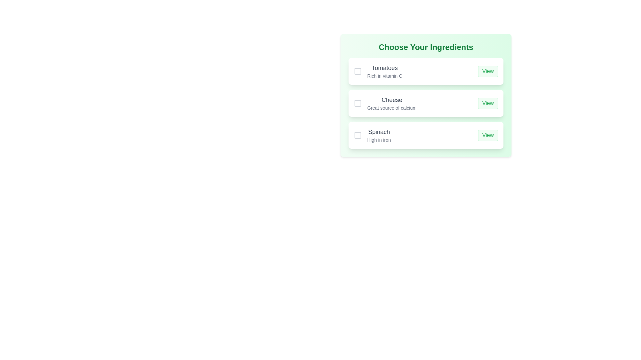 The height and width of the screenshot is (360, 641). I want to click on the 'Spinach' checkbox located in the list of selectable items, so click(357, 135).